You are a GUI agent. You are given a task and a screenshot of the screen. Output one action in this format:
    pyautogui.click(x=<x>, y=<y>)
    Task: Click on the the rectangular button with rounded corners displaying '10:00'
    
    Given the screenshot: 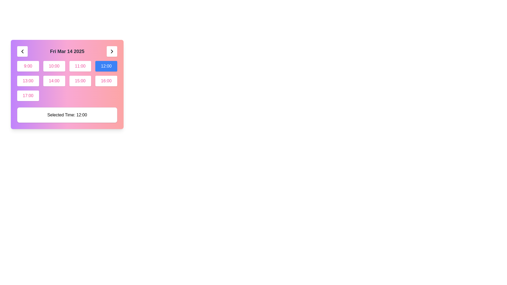 What is the action you would take?
    pyautogui.click(x=54, y=66)
    